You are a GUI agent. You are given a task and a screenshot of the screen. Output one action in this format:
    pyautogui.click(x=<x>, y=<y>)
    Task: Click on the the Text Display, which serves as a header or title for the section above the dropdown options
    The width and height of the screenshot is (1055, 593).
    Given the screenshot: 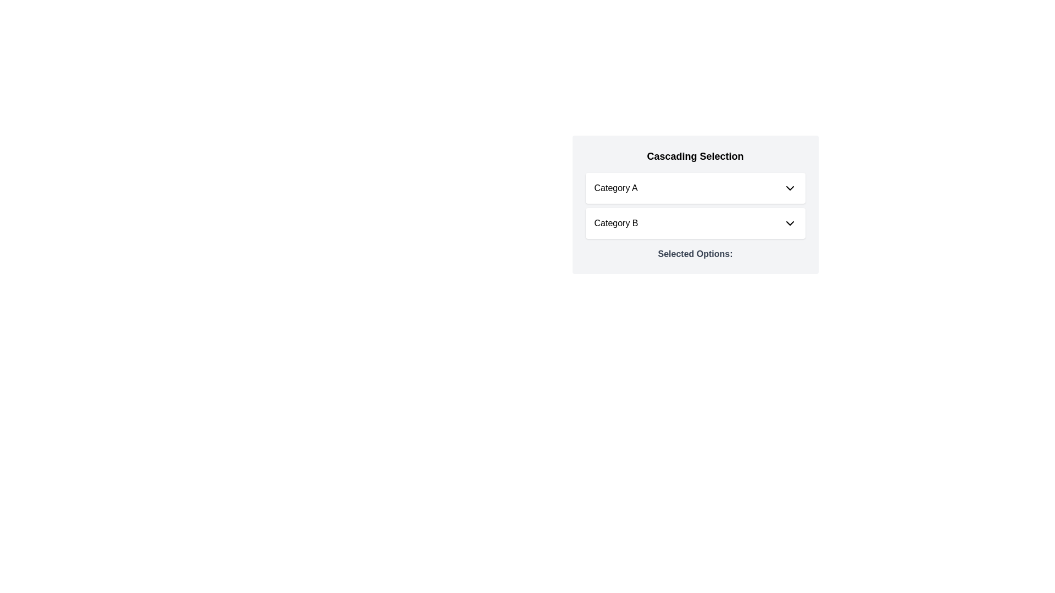 What is the action you would take?
    pyautogui.click(x=695, y=156)
    